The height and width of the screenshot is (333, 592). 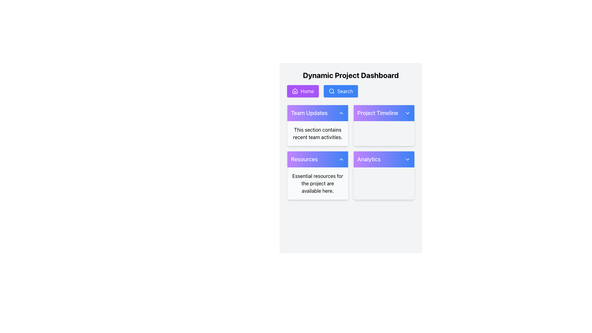 What do you see at coordinates (340, 91) in the screenshot?
I see `the search button located to the right of the 'Home' button` at bounding box center [340, 91].